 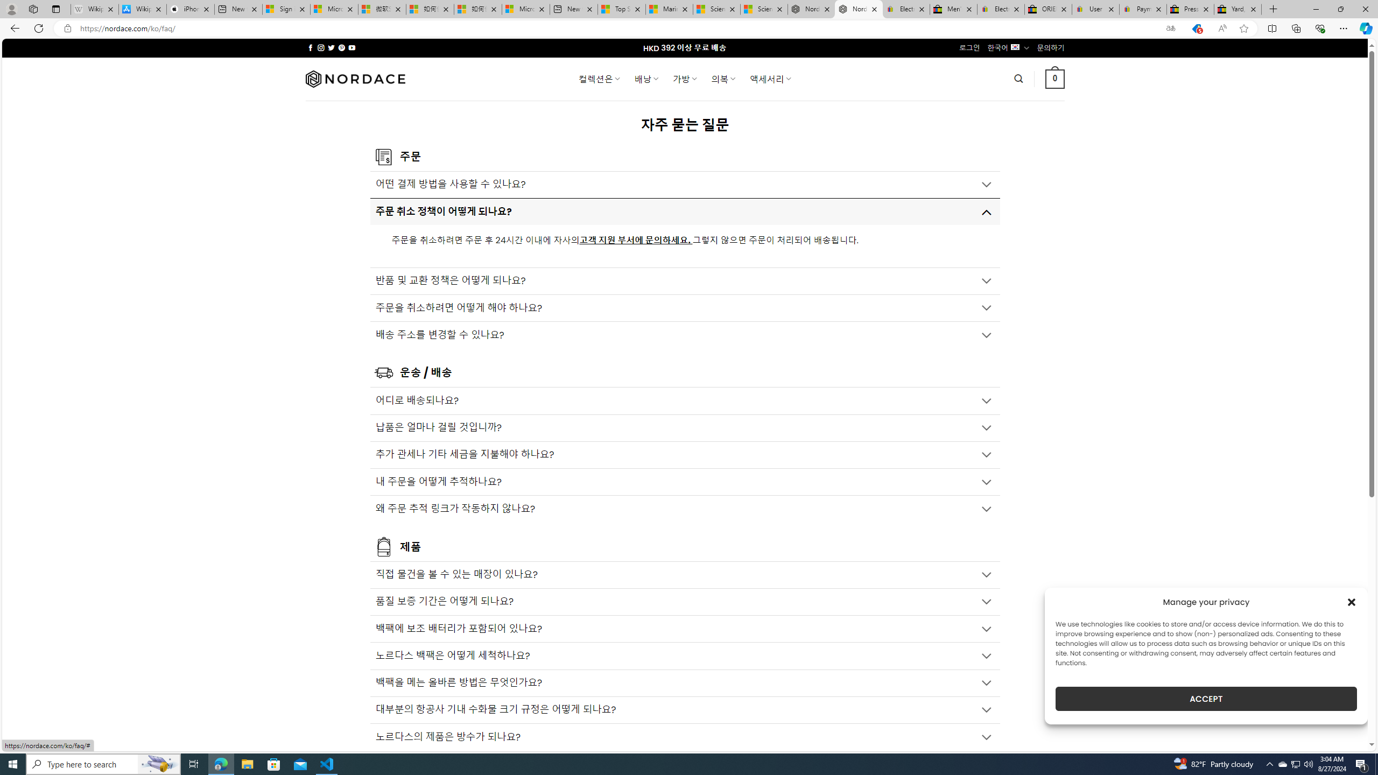 What do you see at coordinates (1095, 9) in the screenshot?
I see `'User Privacy Notice | eBay'` at bounding box center [1095, 9].